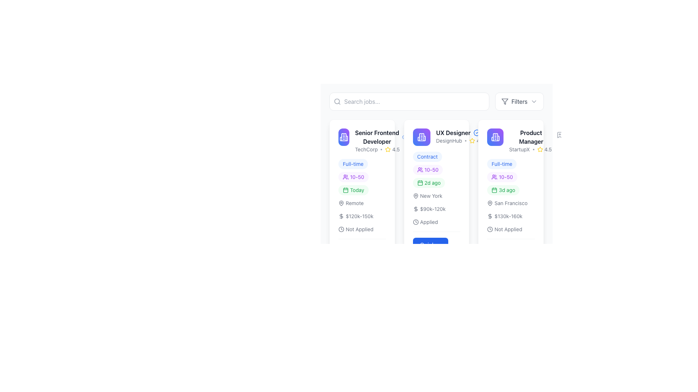 This screenshot has width=698, height=392. What do you see at coordinates (362, 177) in the screenshot?
I see `the Text badge indicating company size or similar metadata in the job card interface to view details` at bounding box center [362, 177].